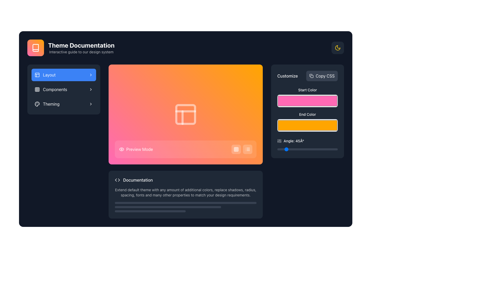 The height and width of the screenshot is (281, 500). I want to click on the third and smallest progress bar located at the bottom part of the interface, which visually represents a smaller progress or partially loaded status, so click(150, 211).